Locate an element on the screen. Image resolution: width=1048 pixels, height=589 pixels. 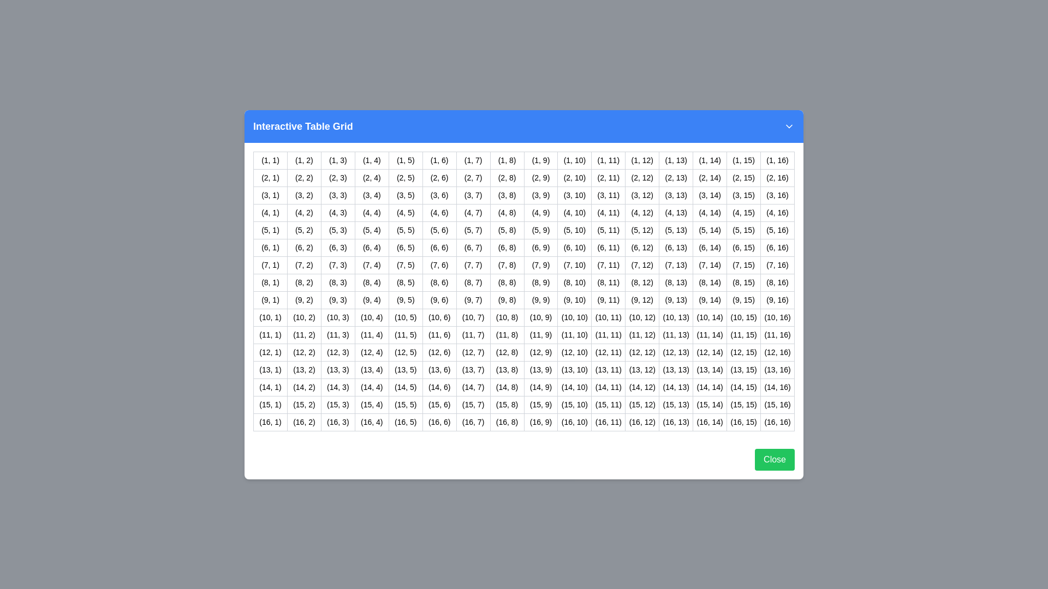
the 'Close' button to close the dialog is located at coordinates (774, 459).